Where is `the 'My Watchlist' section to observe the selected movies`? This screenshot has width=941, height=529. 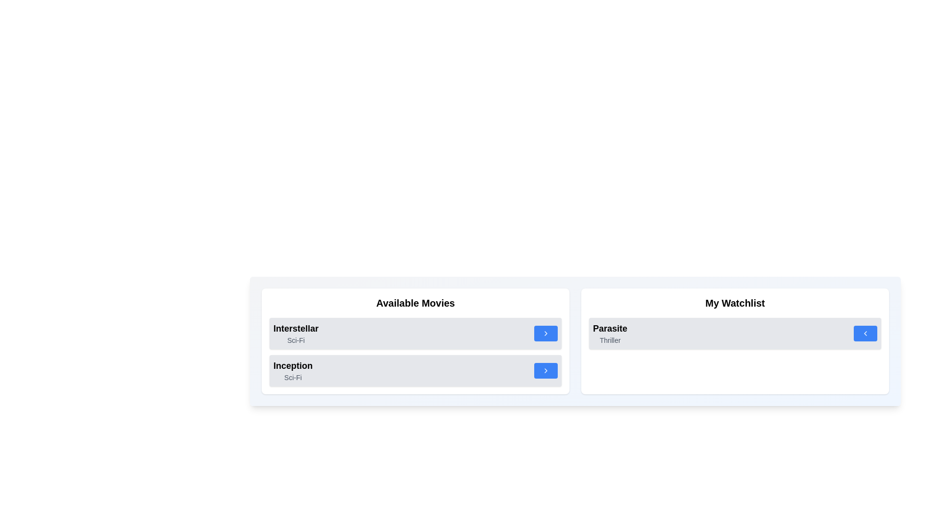
the 'My Watchlist' section to observe the selected movies is located at coordinates (735, 302).